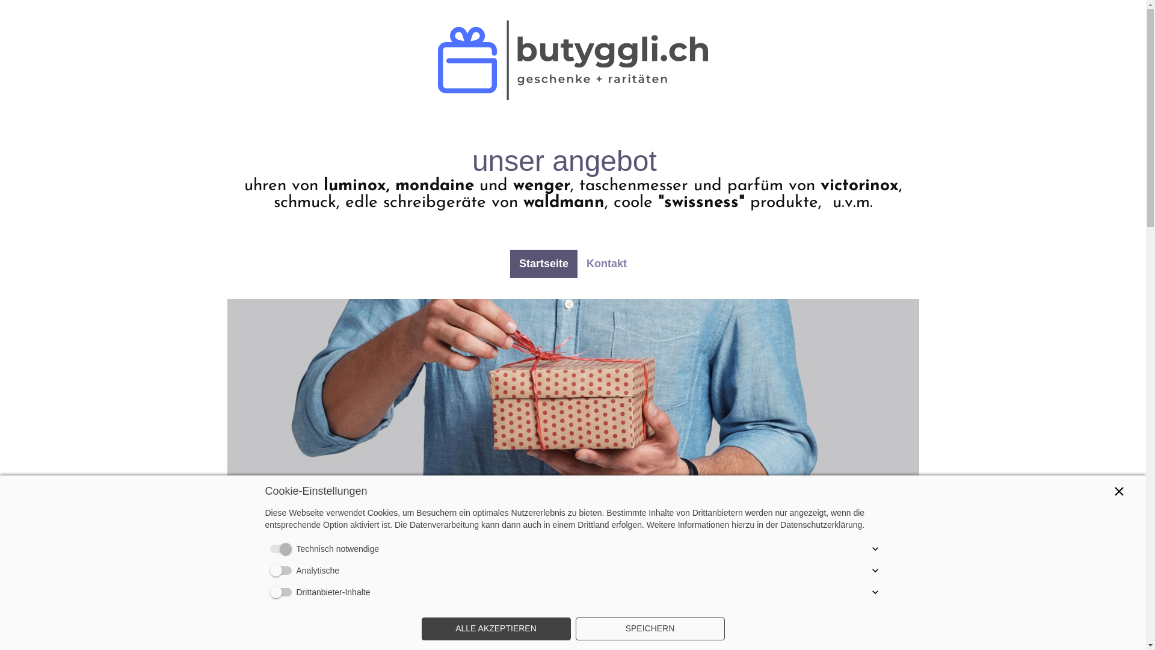 This screenshot has height=650, width=1155. Describe the element at coordinates (543, 263) in the screenshot. I see `'Startseite'` at that location.